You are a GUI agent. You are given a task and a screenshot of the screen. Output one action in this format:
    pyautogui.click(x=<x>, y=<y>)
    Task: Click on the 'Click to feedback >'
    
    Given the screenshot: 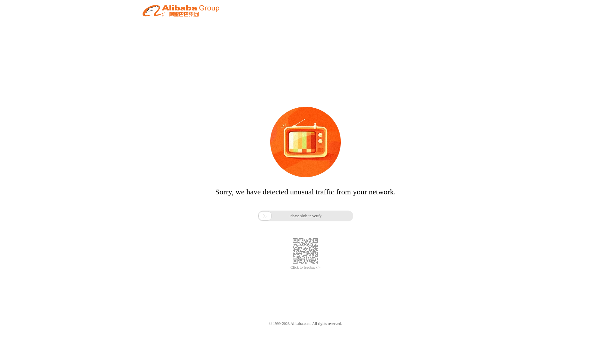 What is the action you would take?
    pyautogui.click(x=290, y=267)
    